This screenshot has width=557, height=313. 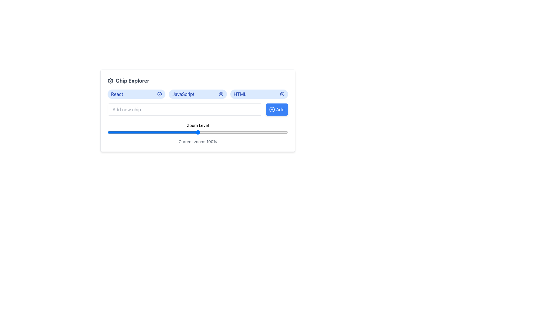 What do you see at coordinates (136, 94) in the screenshot?
I see `the first selectable chip labeled 'React' in the 'Chip Explorer' section` at bounding box center [136, 94].